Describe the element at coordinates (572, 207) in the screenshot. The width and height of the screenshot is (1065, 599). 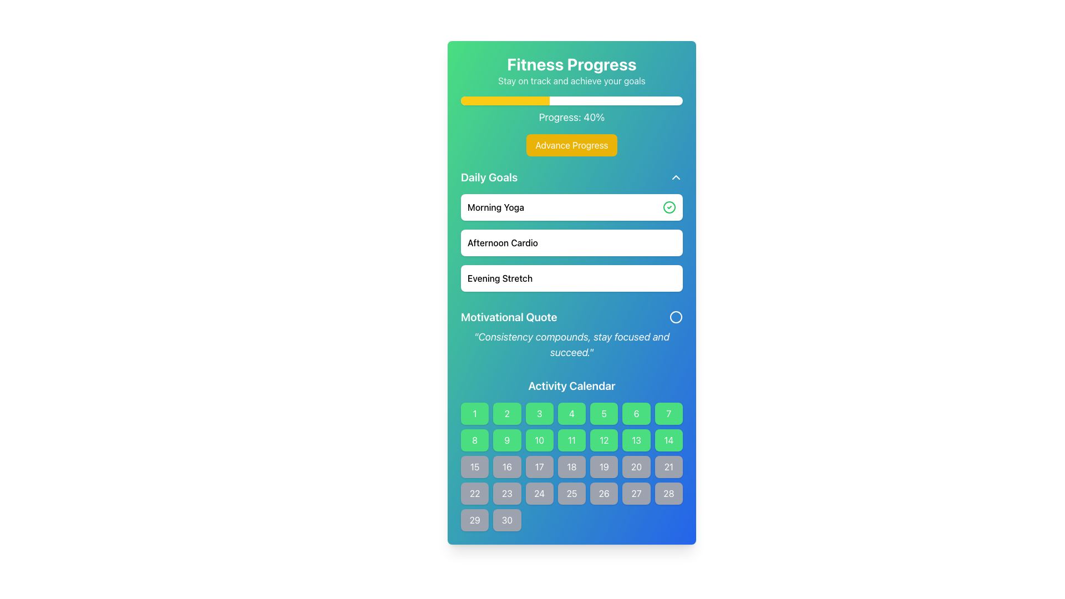
I see `the 'Morning Yoga' list item with a green checkmark indicator in the 'Daily Goals' section` at that location.